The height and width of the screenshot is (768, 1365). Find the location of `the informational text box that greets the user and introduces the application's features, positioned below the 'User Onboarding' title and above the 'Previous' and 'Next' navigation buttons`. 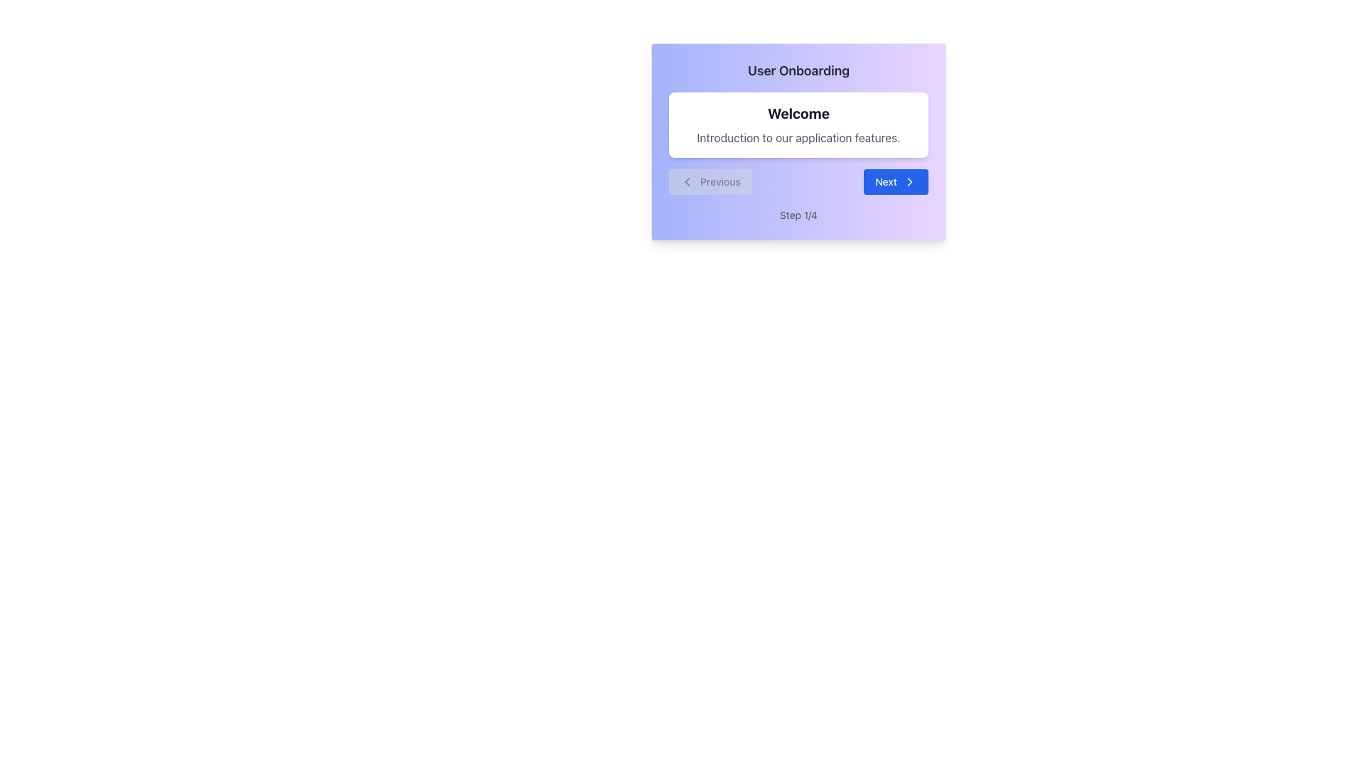

the informational text box that greets the user and introduces the application's features, positioned below the 'User Onboarding' title and above the 'Previous' and 'Next' navigation buttons is located at coordinates (798, 124).